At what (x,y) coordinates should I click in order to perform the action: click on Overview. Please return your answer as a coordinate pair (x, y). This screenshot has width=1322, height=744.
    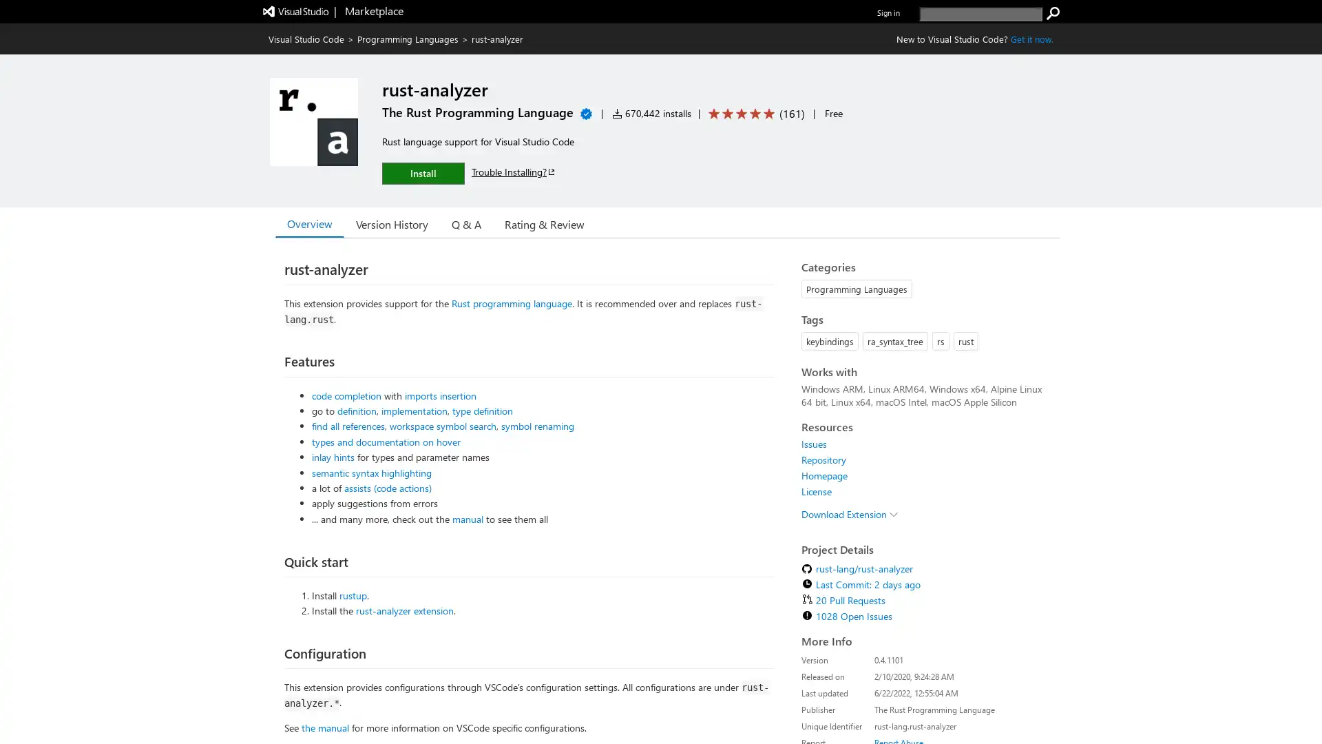
    Looking at the image, I should click on (309, 223).